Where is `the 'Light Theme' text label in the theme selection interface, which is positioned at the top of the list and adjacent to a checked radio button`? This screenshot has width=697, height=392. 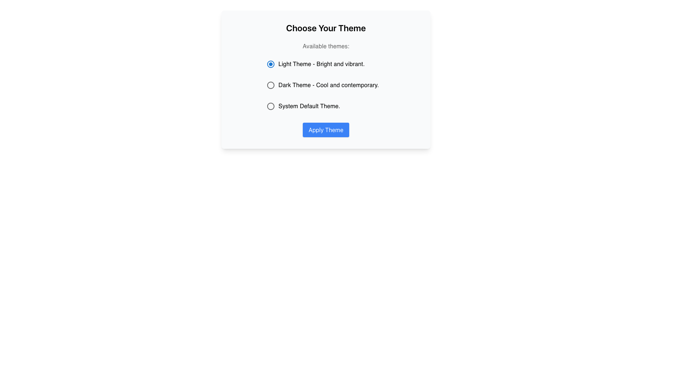
the 'Light Theme' text label in the theme selection interface, which is positioned at the top of the list and adjacent to a checked radio button is located at coordinates (321, 64).